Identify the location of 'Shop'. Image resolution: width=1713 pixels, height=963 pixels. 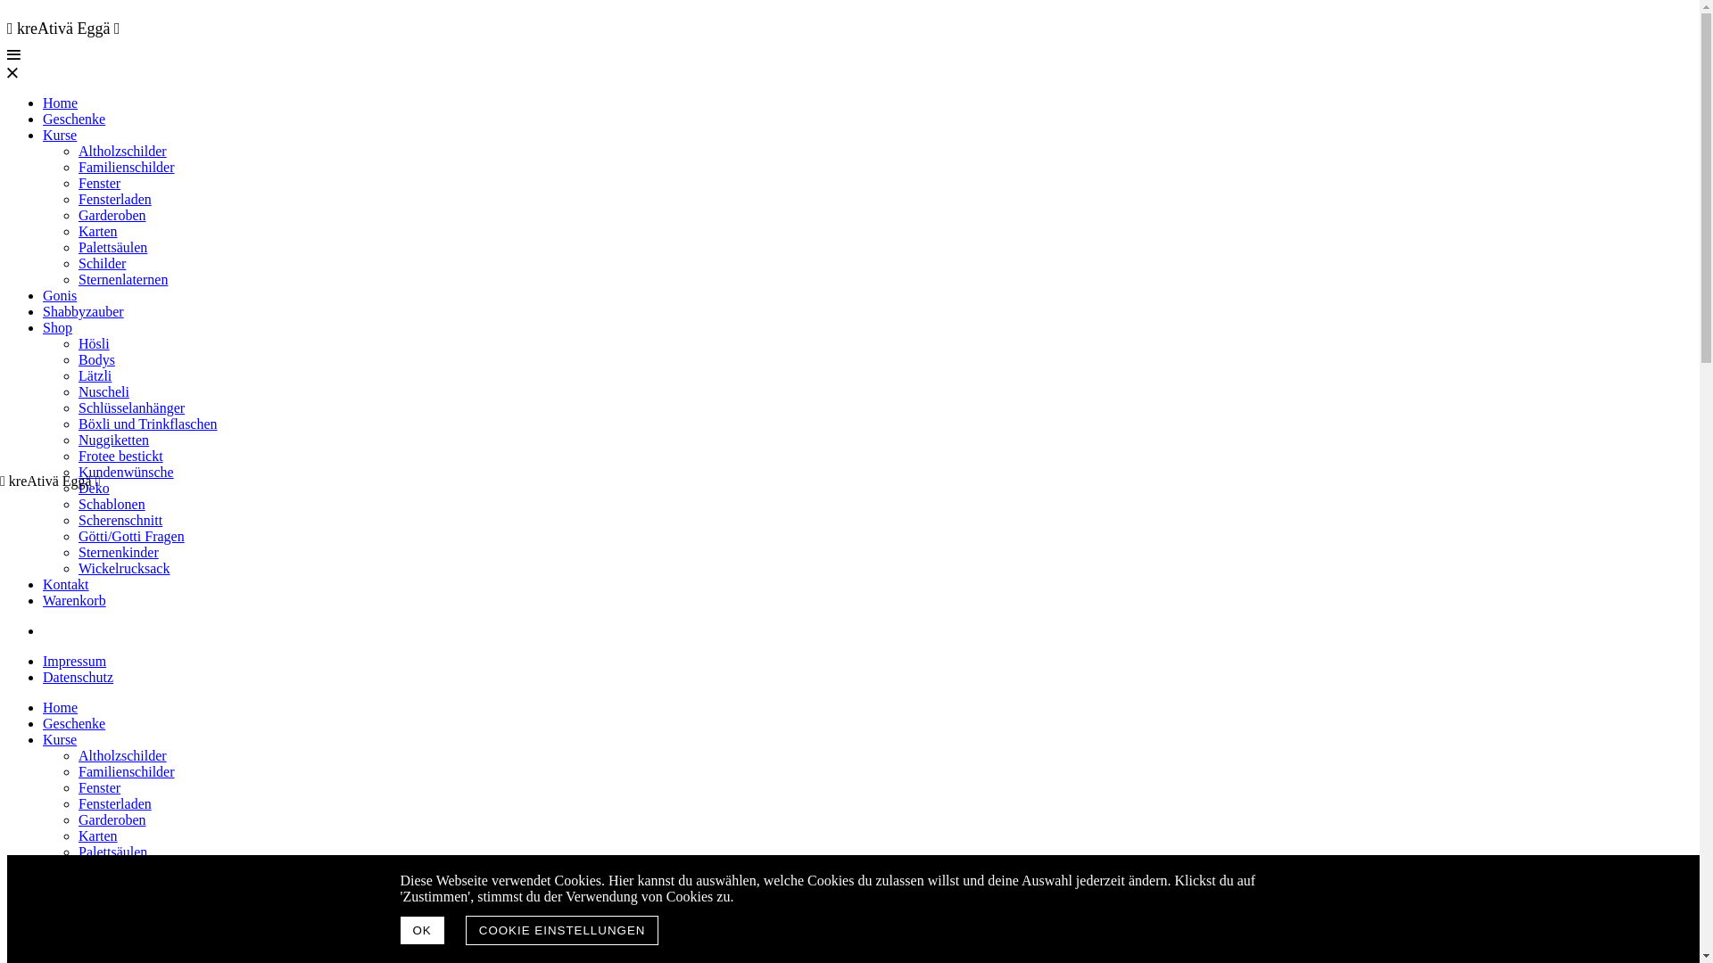
(57, 931).